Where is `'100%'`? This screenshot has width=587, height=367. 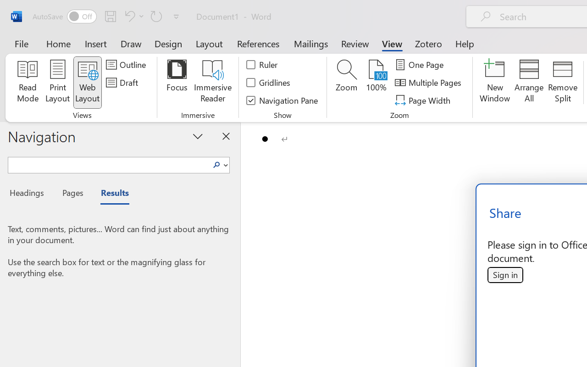
'100%' is located at coordinates (377, 82).